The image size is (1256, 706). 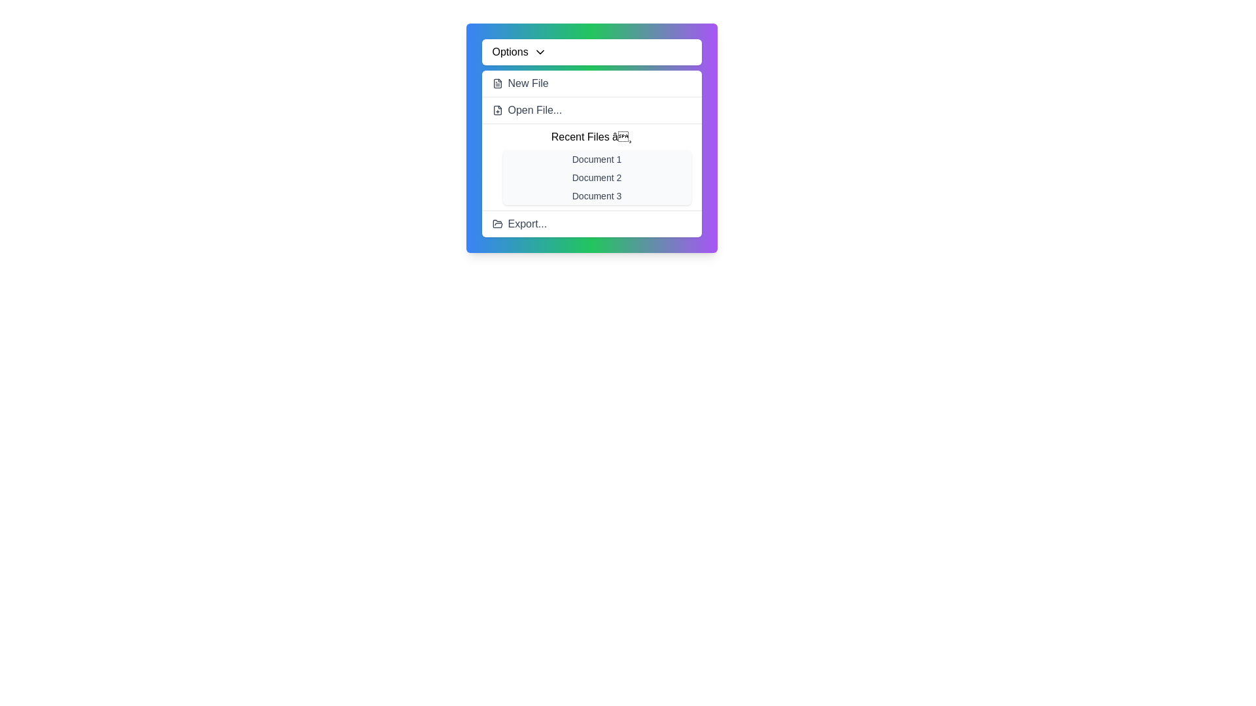 I want to click on filenames from the list of recently accessed files located centrally in the dropdown menu, positioned below the 'Open File...' option and above the 'Export...' option, so click(x=591, y=166).